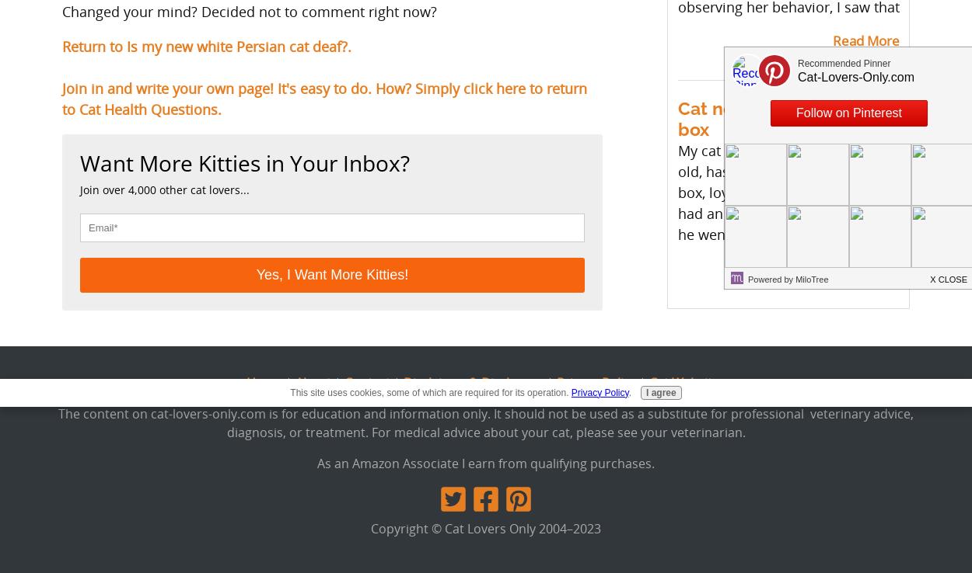 This screenshot has width=972, height=573. Describe the element at coordinates (587, 526) in the screenshot. I see `'2023'` at that location.